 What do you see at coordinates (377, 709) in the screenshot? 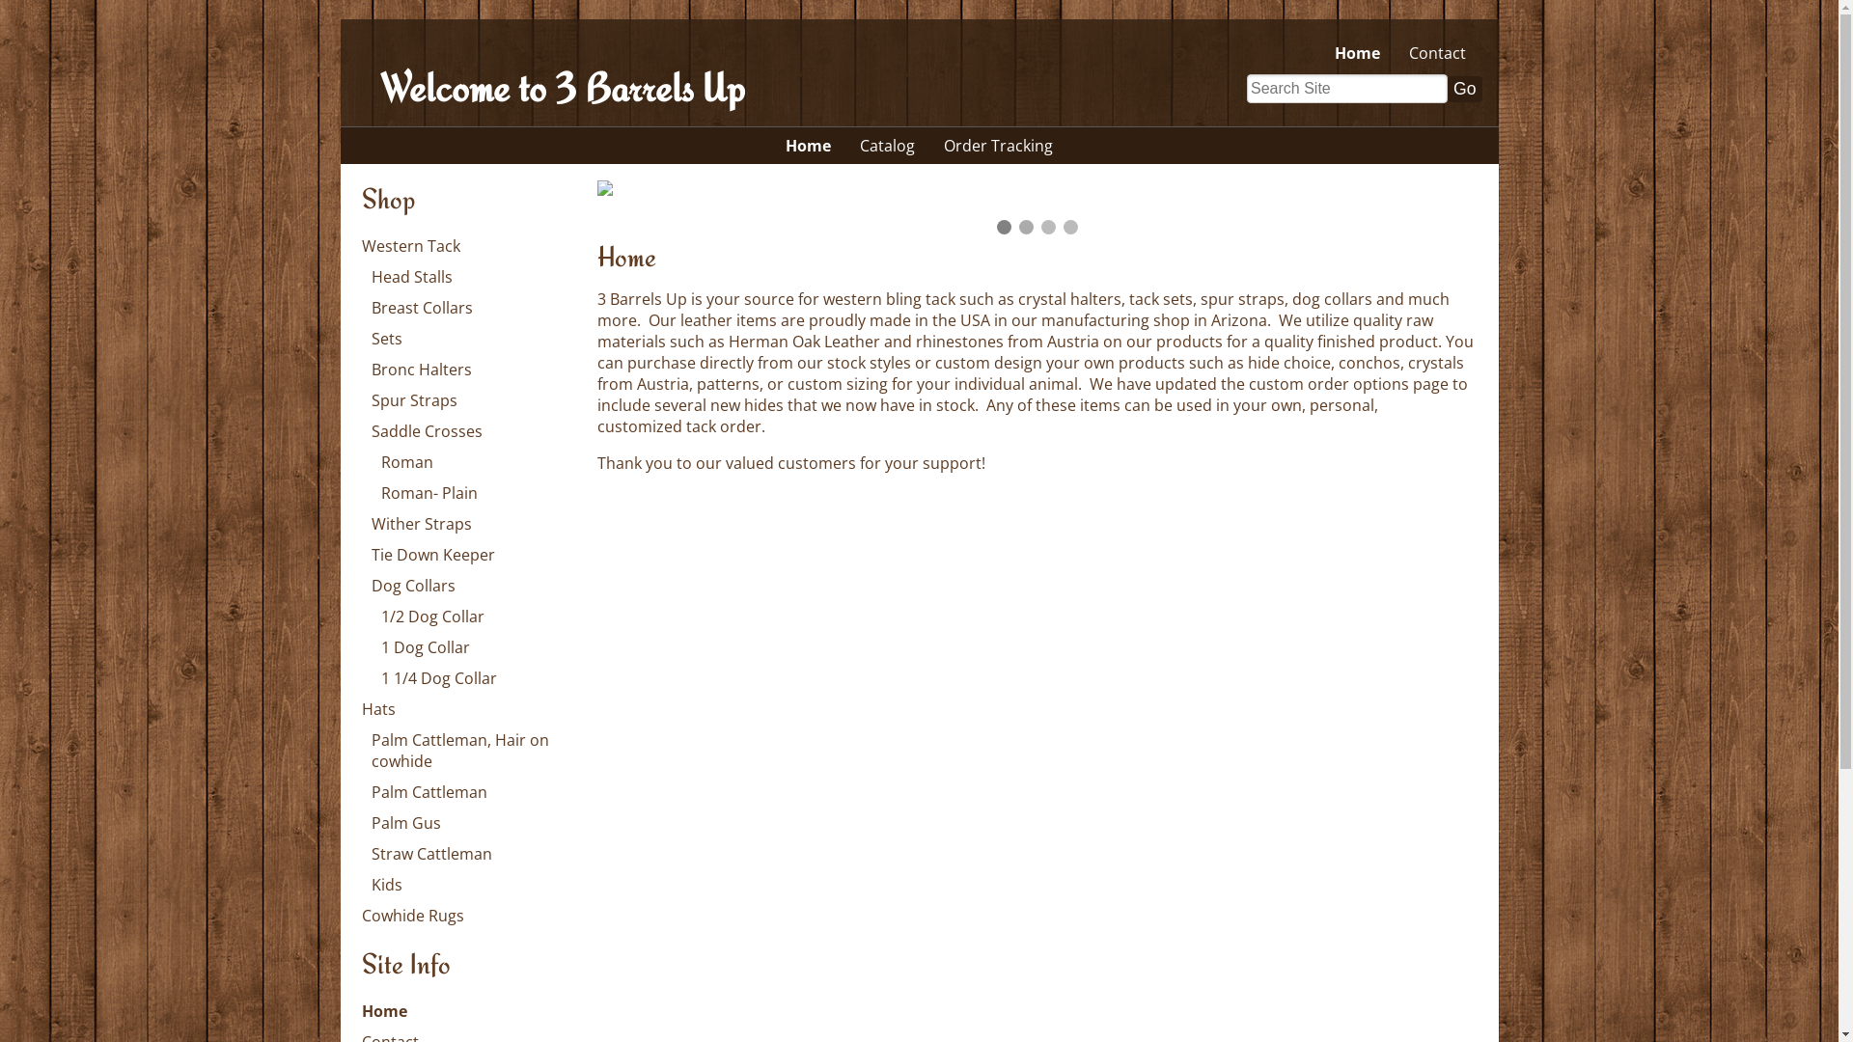
I see `'Hats'` at bounding box center [377, 709].